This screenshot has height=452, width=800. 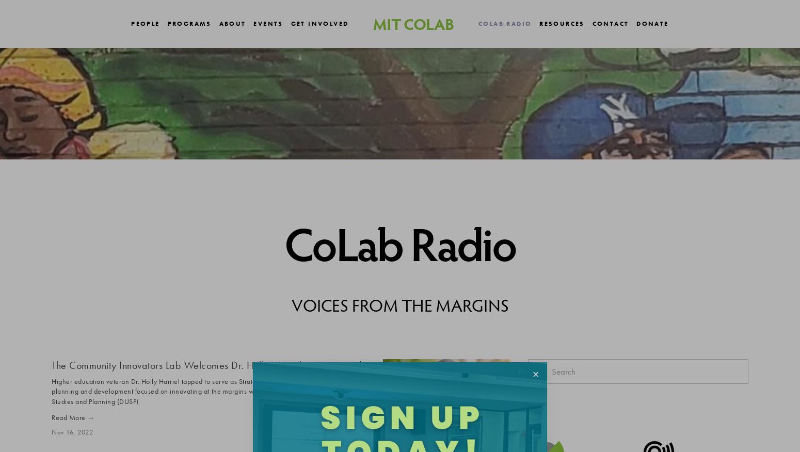 I want to click on 'Read More →', so click(x=73, y=416).